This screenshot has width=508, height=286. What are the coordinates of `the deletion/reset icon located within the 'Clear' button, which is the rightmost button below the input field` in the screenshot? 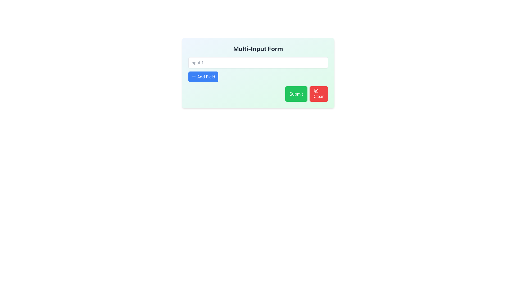 It's located at (316, 91).